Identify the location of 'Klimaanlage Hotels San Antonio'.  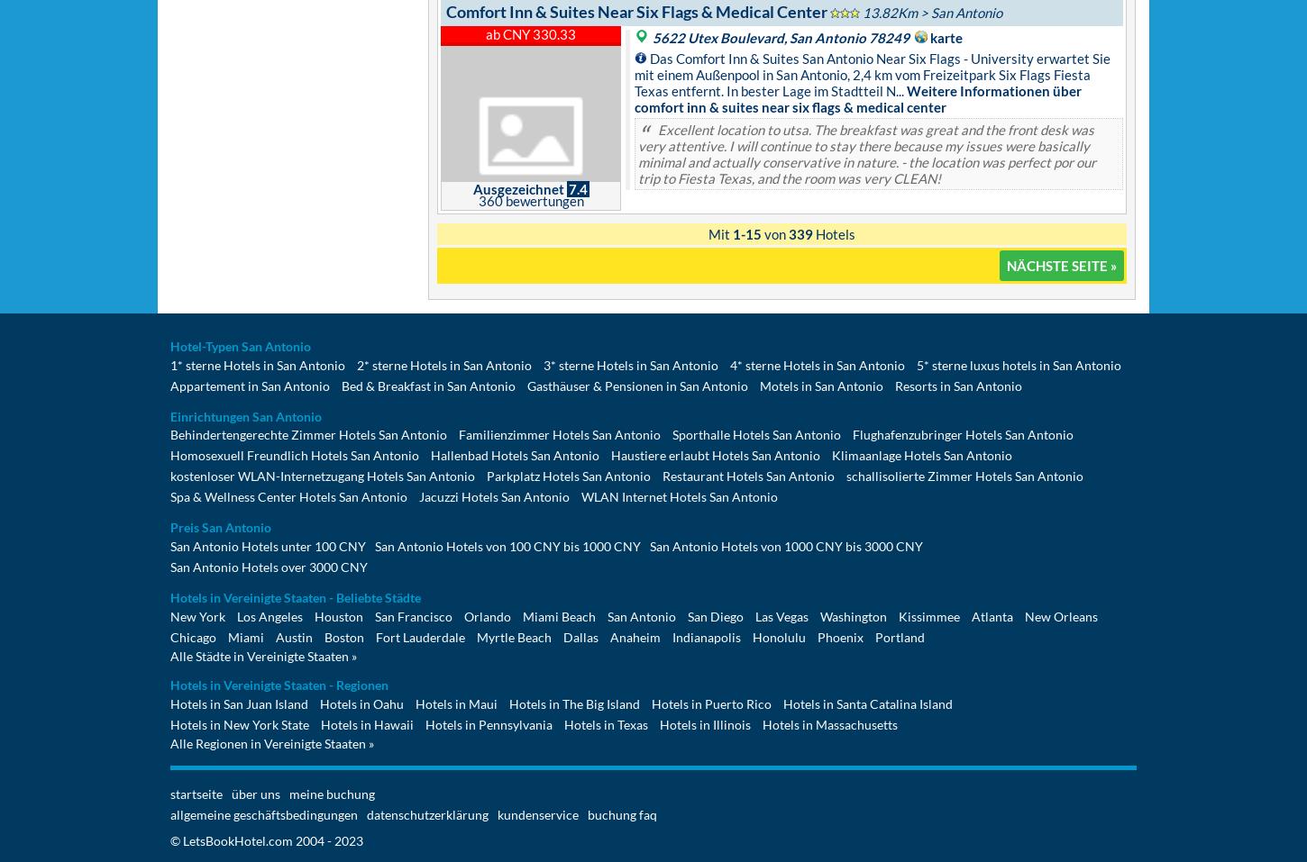
(921, 455).